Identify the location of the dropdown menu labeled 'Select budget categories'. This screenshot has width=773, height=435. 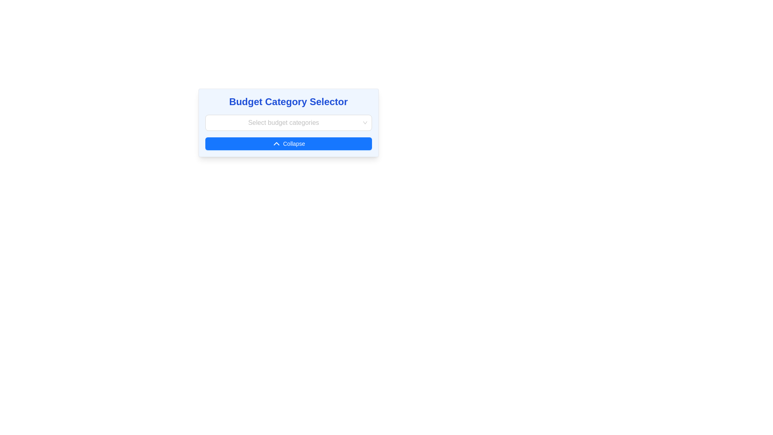
(288, 122).